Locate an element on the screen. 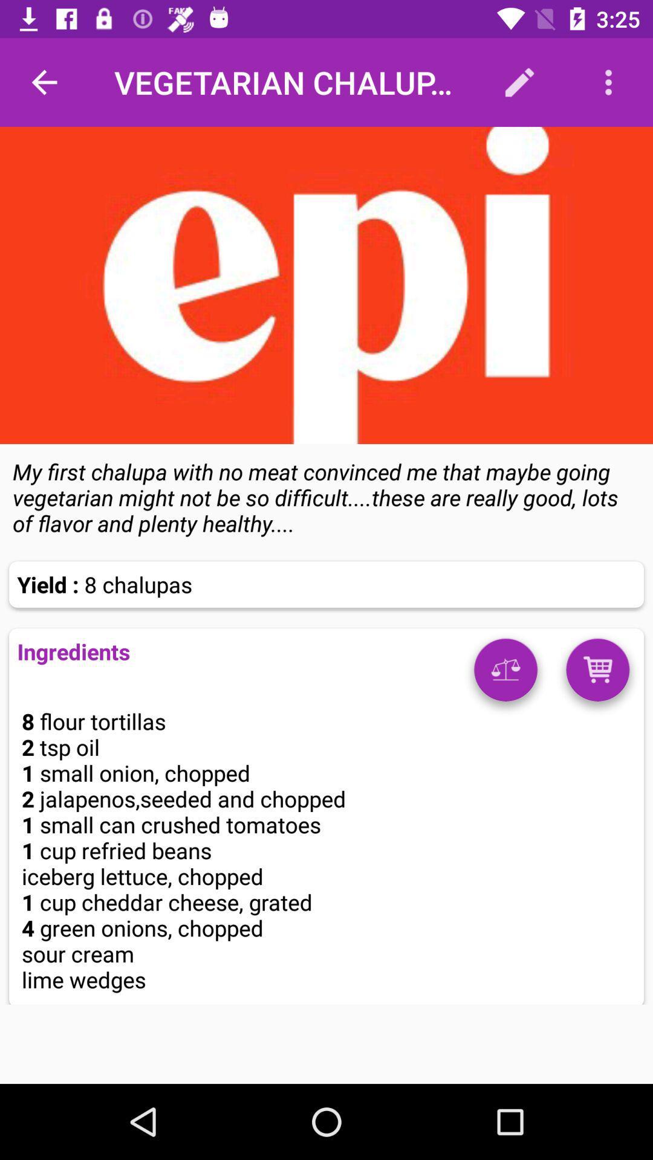  the item above my first chalupa item is located at coordinates (326, 285).